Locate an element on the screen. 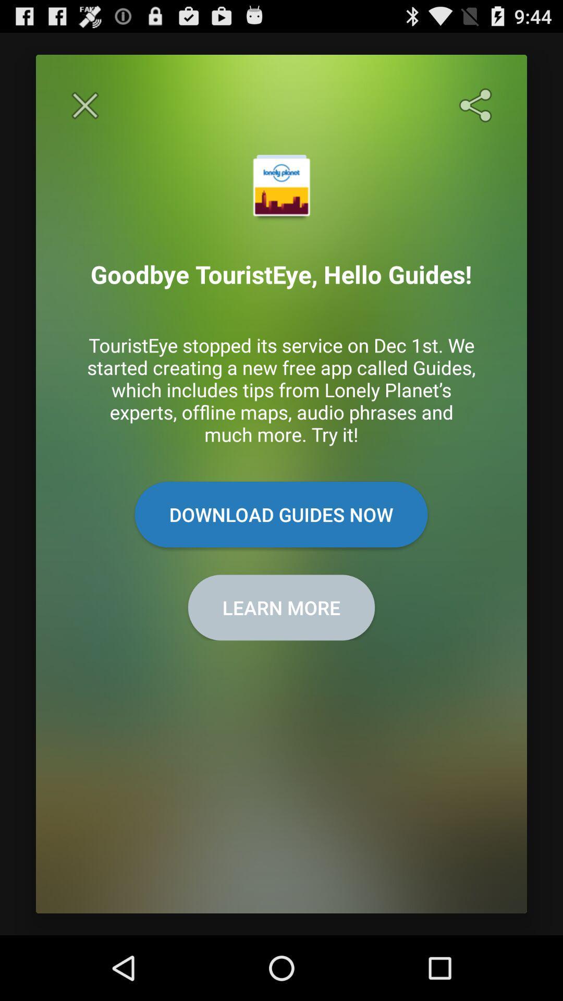  share app is located at coordinates (478, 105).